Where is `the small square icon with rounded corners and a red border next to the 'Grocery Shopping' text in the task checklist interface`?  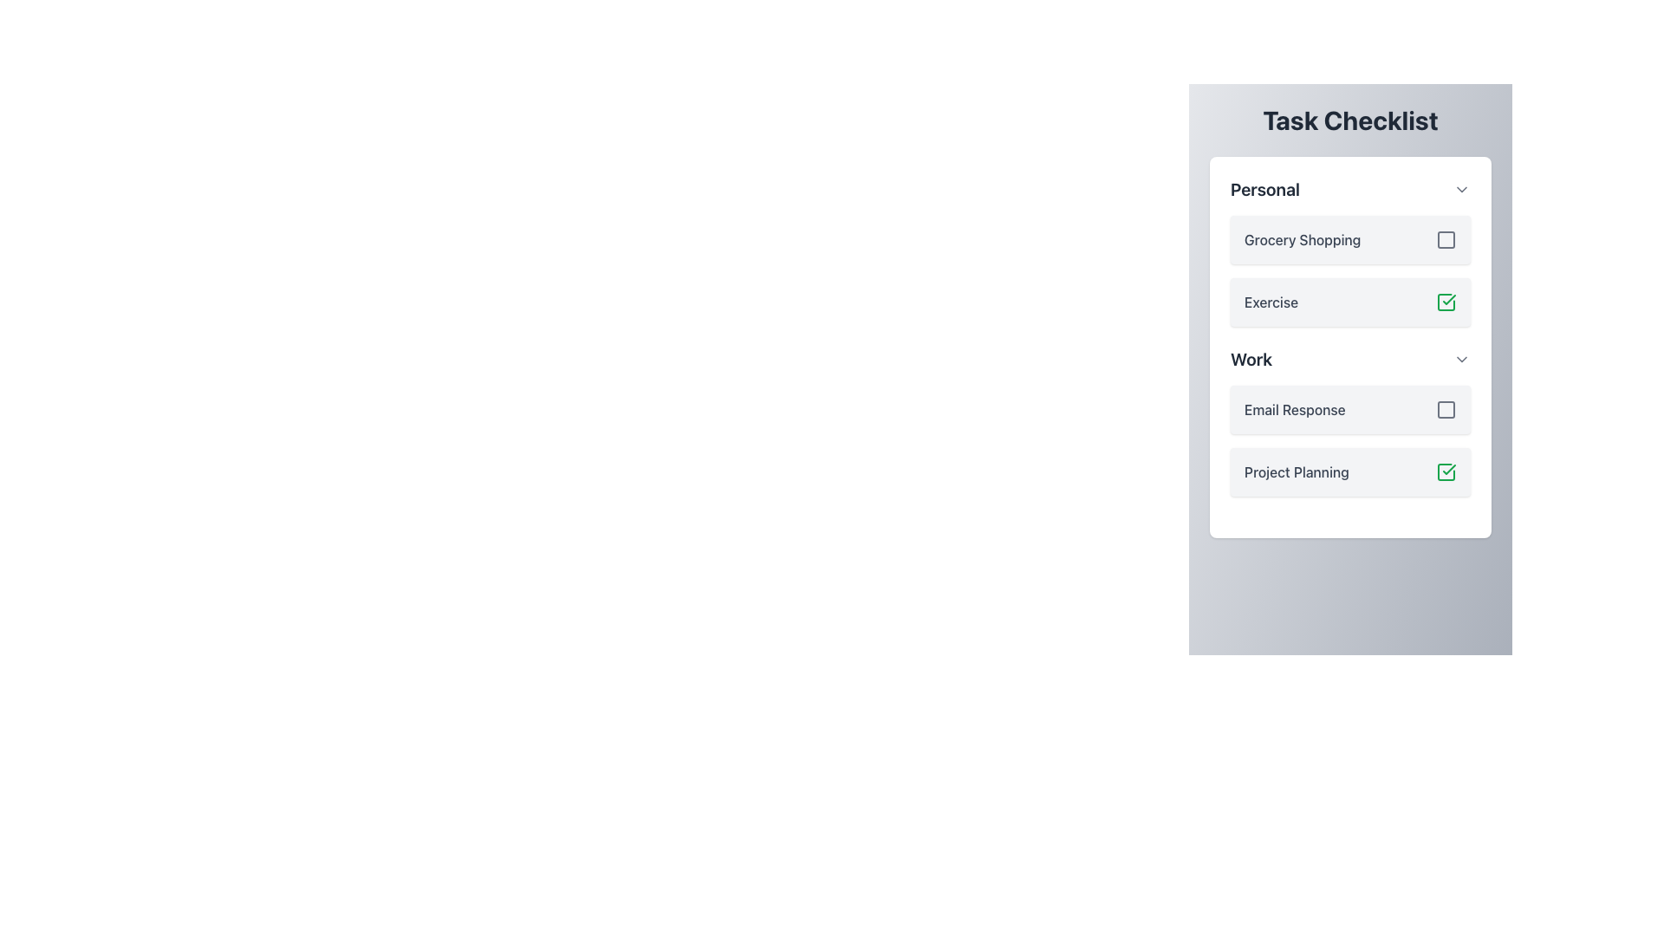 the small square icon with rounded corners and a red border next to the 'Grocery Shopping' text in the task checklist interface is located at coordinates (1446, 240).